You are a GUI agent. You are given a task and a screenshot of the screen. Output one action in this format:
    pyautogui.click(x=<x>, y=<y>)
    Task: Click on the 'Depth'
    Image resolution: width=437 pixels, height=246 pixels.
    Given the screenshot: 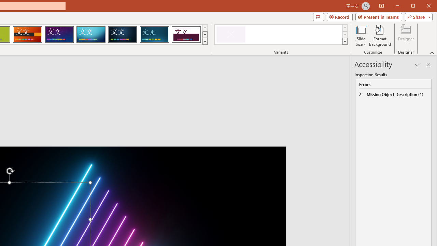 What is the action you would take?
    pyautogui.click(x=154, y=34)
    